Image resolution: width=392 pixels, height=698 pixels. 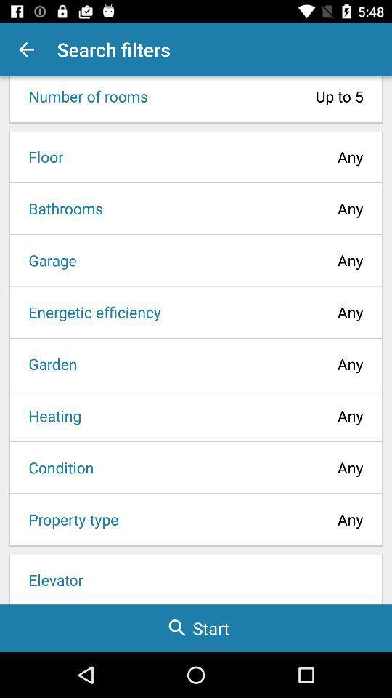 I want to click on item to the left of any item, so click(x=49, y=415).